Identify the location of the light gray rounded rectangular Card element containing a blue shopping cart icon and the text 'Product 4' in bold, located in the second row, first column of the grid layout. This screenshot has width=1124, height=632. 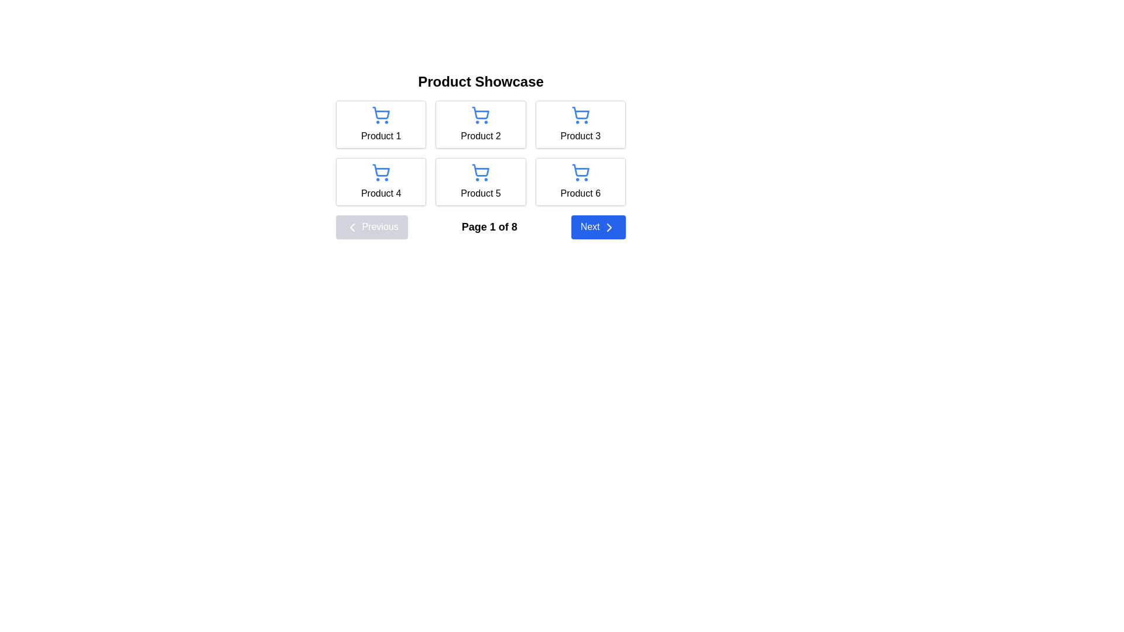
(381, 182).